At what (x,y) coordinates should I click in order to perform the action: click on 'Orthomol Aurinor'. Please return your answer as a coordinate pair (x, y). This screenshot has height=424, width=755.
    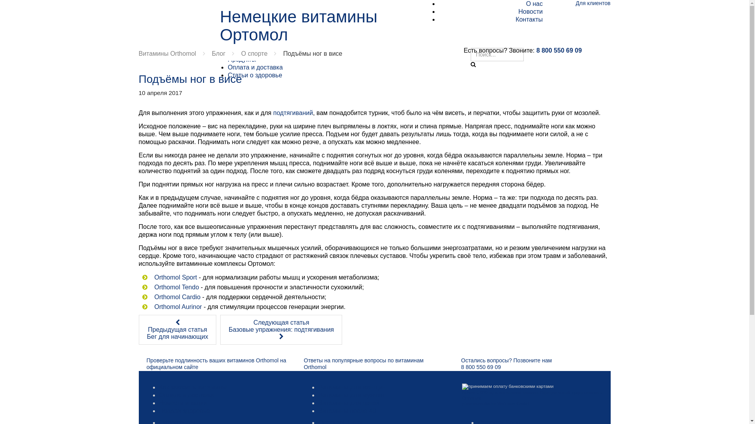
    Looking at the image, I should click on (177, 306).